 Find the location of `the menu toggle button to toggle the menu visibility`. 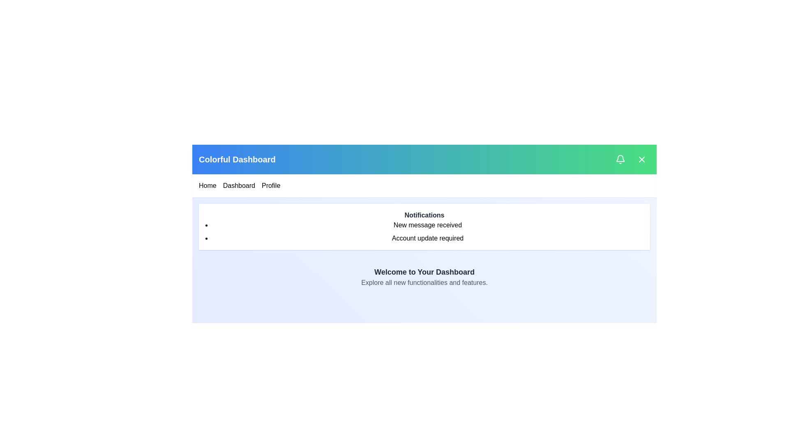

the menu toggle button to toggle the menu visibility is located at coordinates (641, 160).